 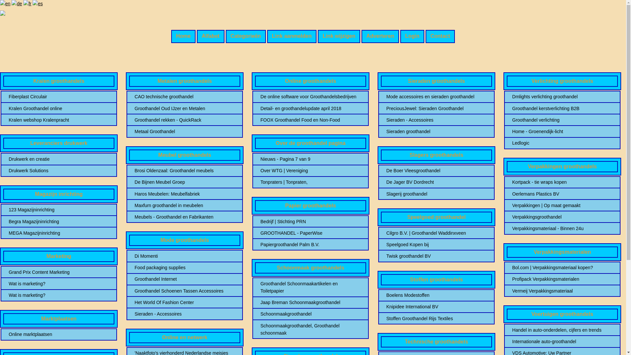 I want to click on 'Speelgoed Kopen bij', so click(x=436, y=245).